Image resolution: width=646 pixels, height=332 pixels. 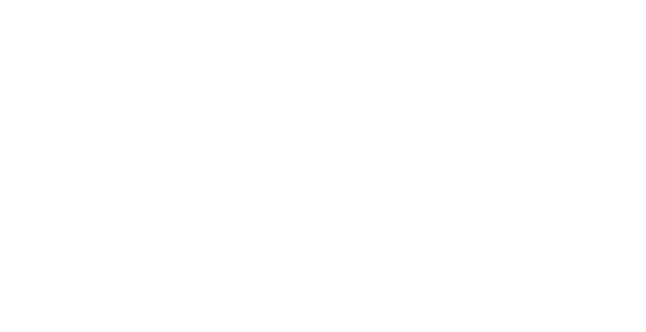 What do you see at coordinates (518, 285) in the screenshot?
I see `'Techno Wool Brushing Boot'` at bounding box center [518, 285].